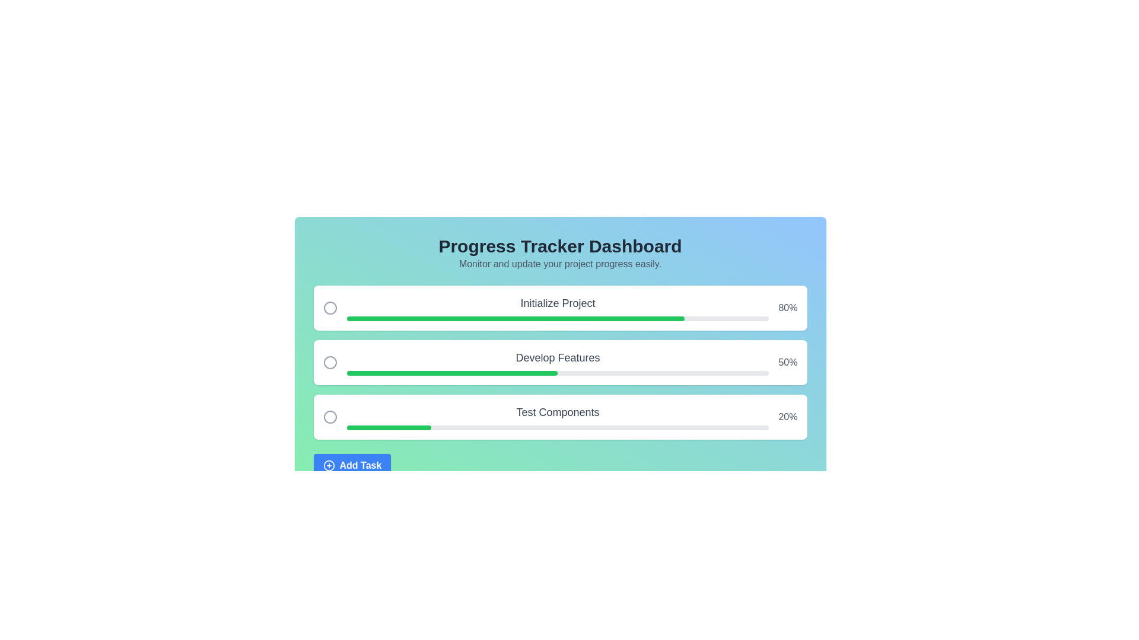 Image resolution: width=1139 pixels, height=640 pixels. What do you see at coordinates (330, 308) in the screenshot?
I see `the circular icon with a gray border and transparent center, located to the left of the 'Initialize Project' text label` at bounding box center [330, 308].